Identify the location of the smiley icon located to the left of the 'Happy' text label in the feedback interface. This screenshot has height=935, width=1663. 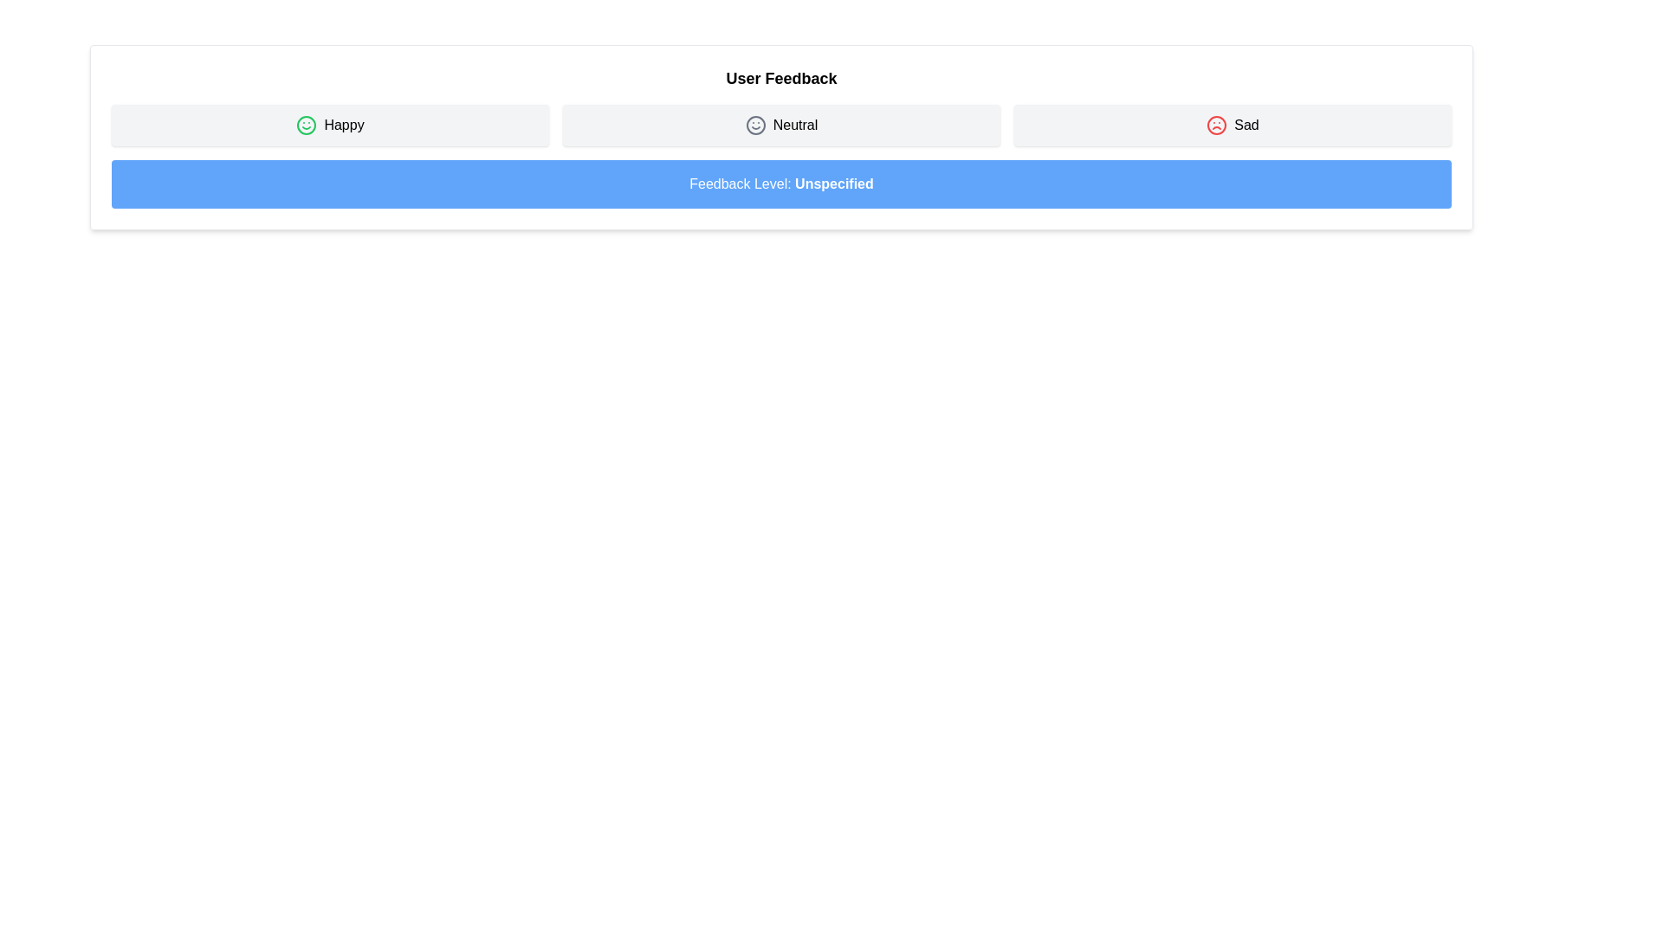
(307, 125).